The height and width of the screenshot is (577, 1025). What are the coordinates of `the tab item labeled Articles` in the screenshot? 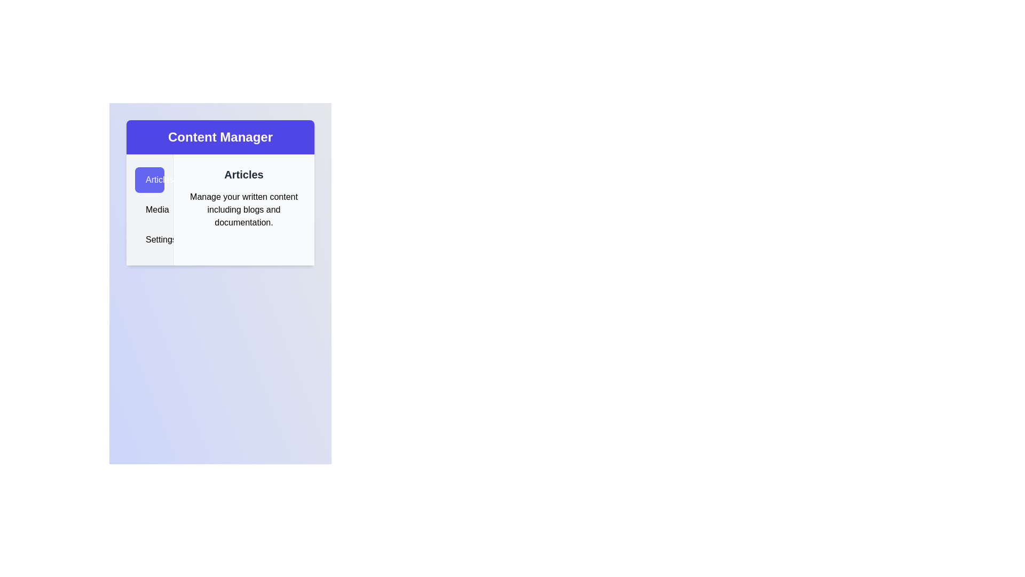 It's located at (149, 179).